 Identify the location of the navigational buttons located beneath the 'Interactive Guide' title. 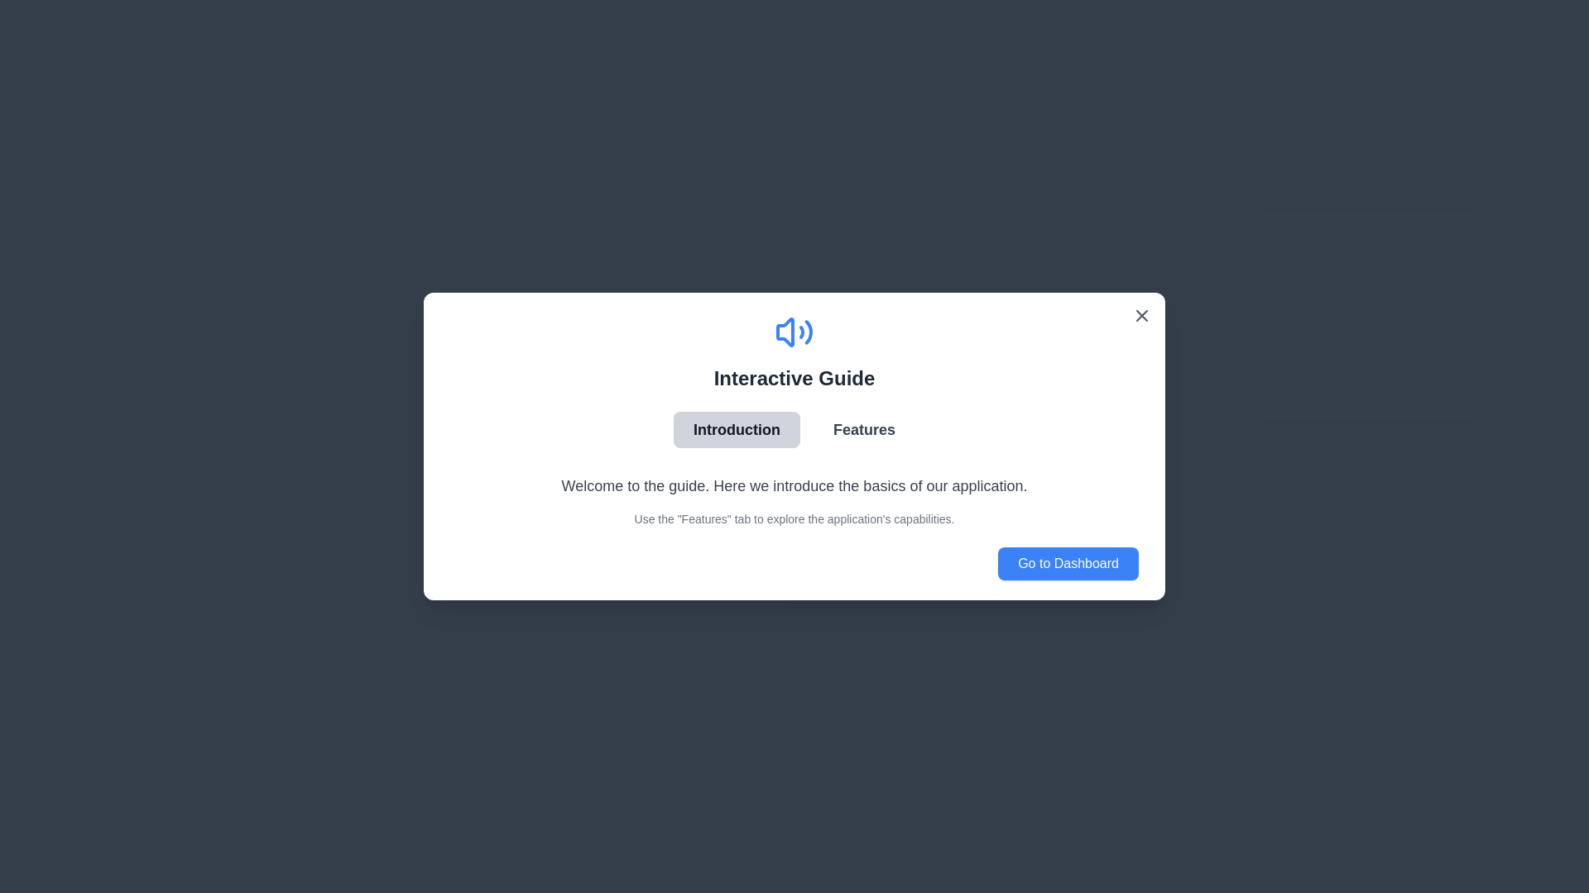
(794, 429).